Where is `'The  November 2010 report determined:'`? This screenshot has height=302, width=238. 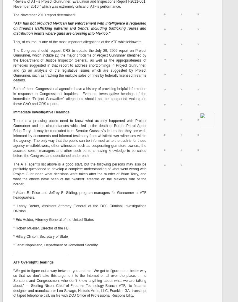 'The  November 2010 report determined:' is located at coordinates (44, 15).